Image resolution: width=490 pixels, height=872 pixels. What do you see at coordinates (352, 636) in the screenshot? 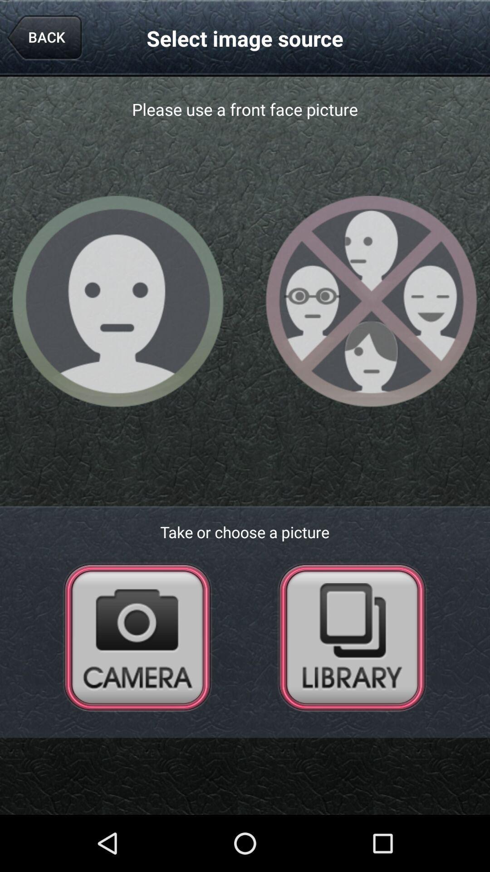
I see `stored photos` at bounding box center [352, 636].